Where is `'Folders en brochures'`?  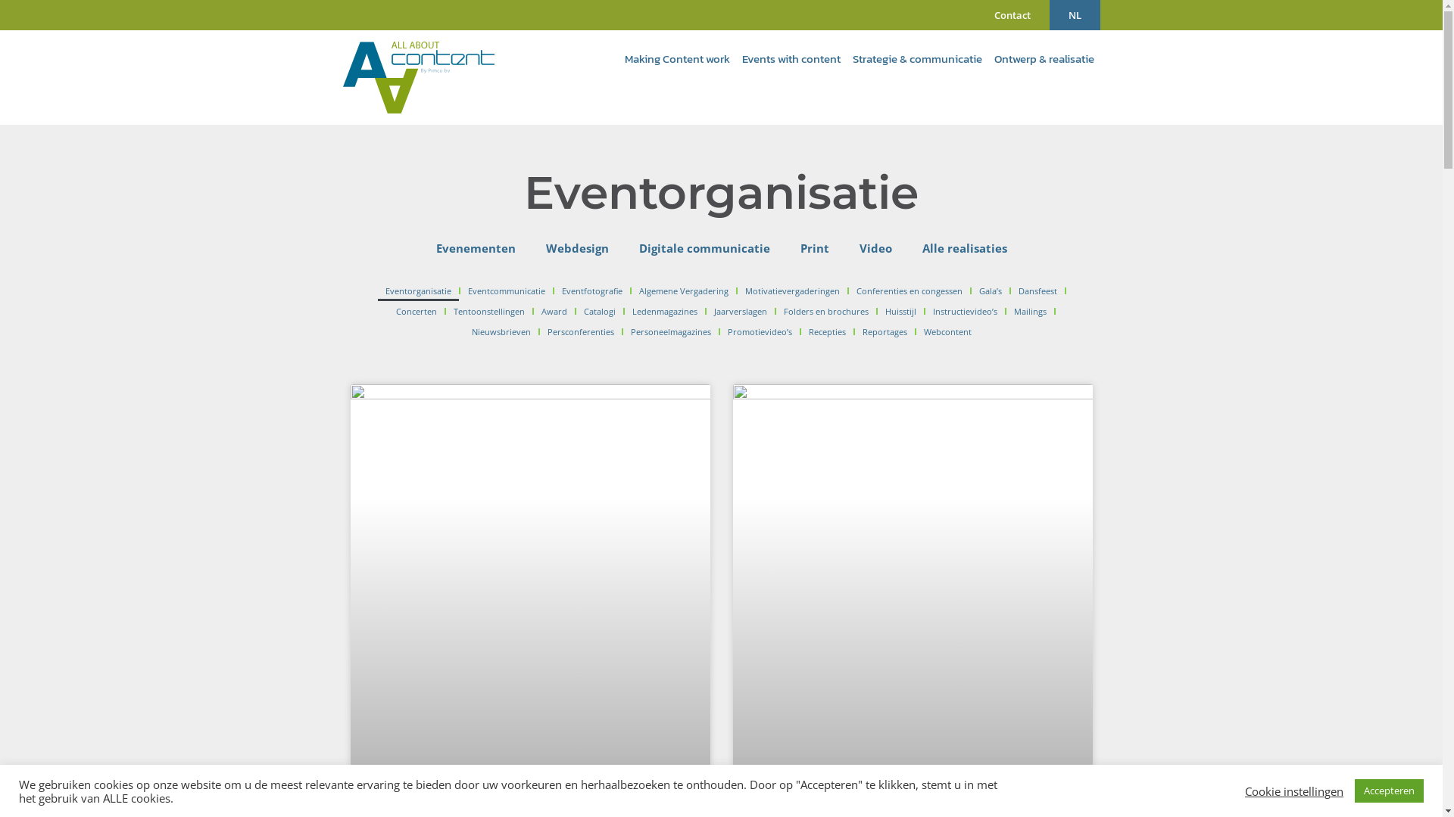
'Folders en brochures' is located at coordinates (824, 311).